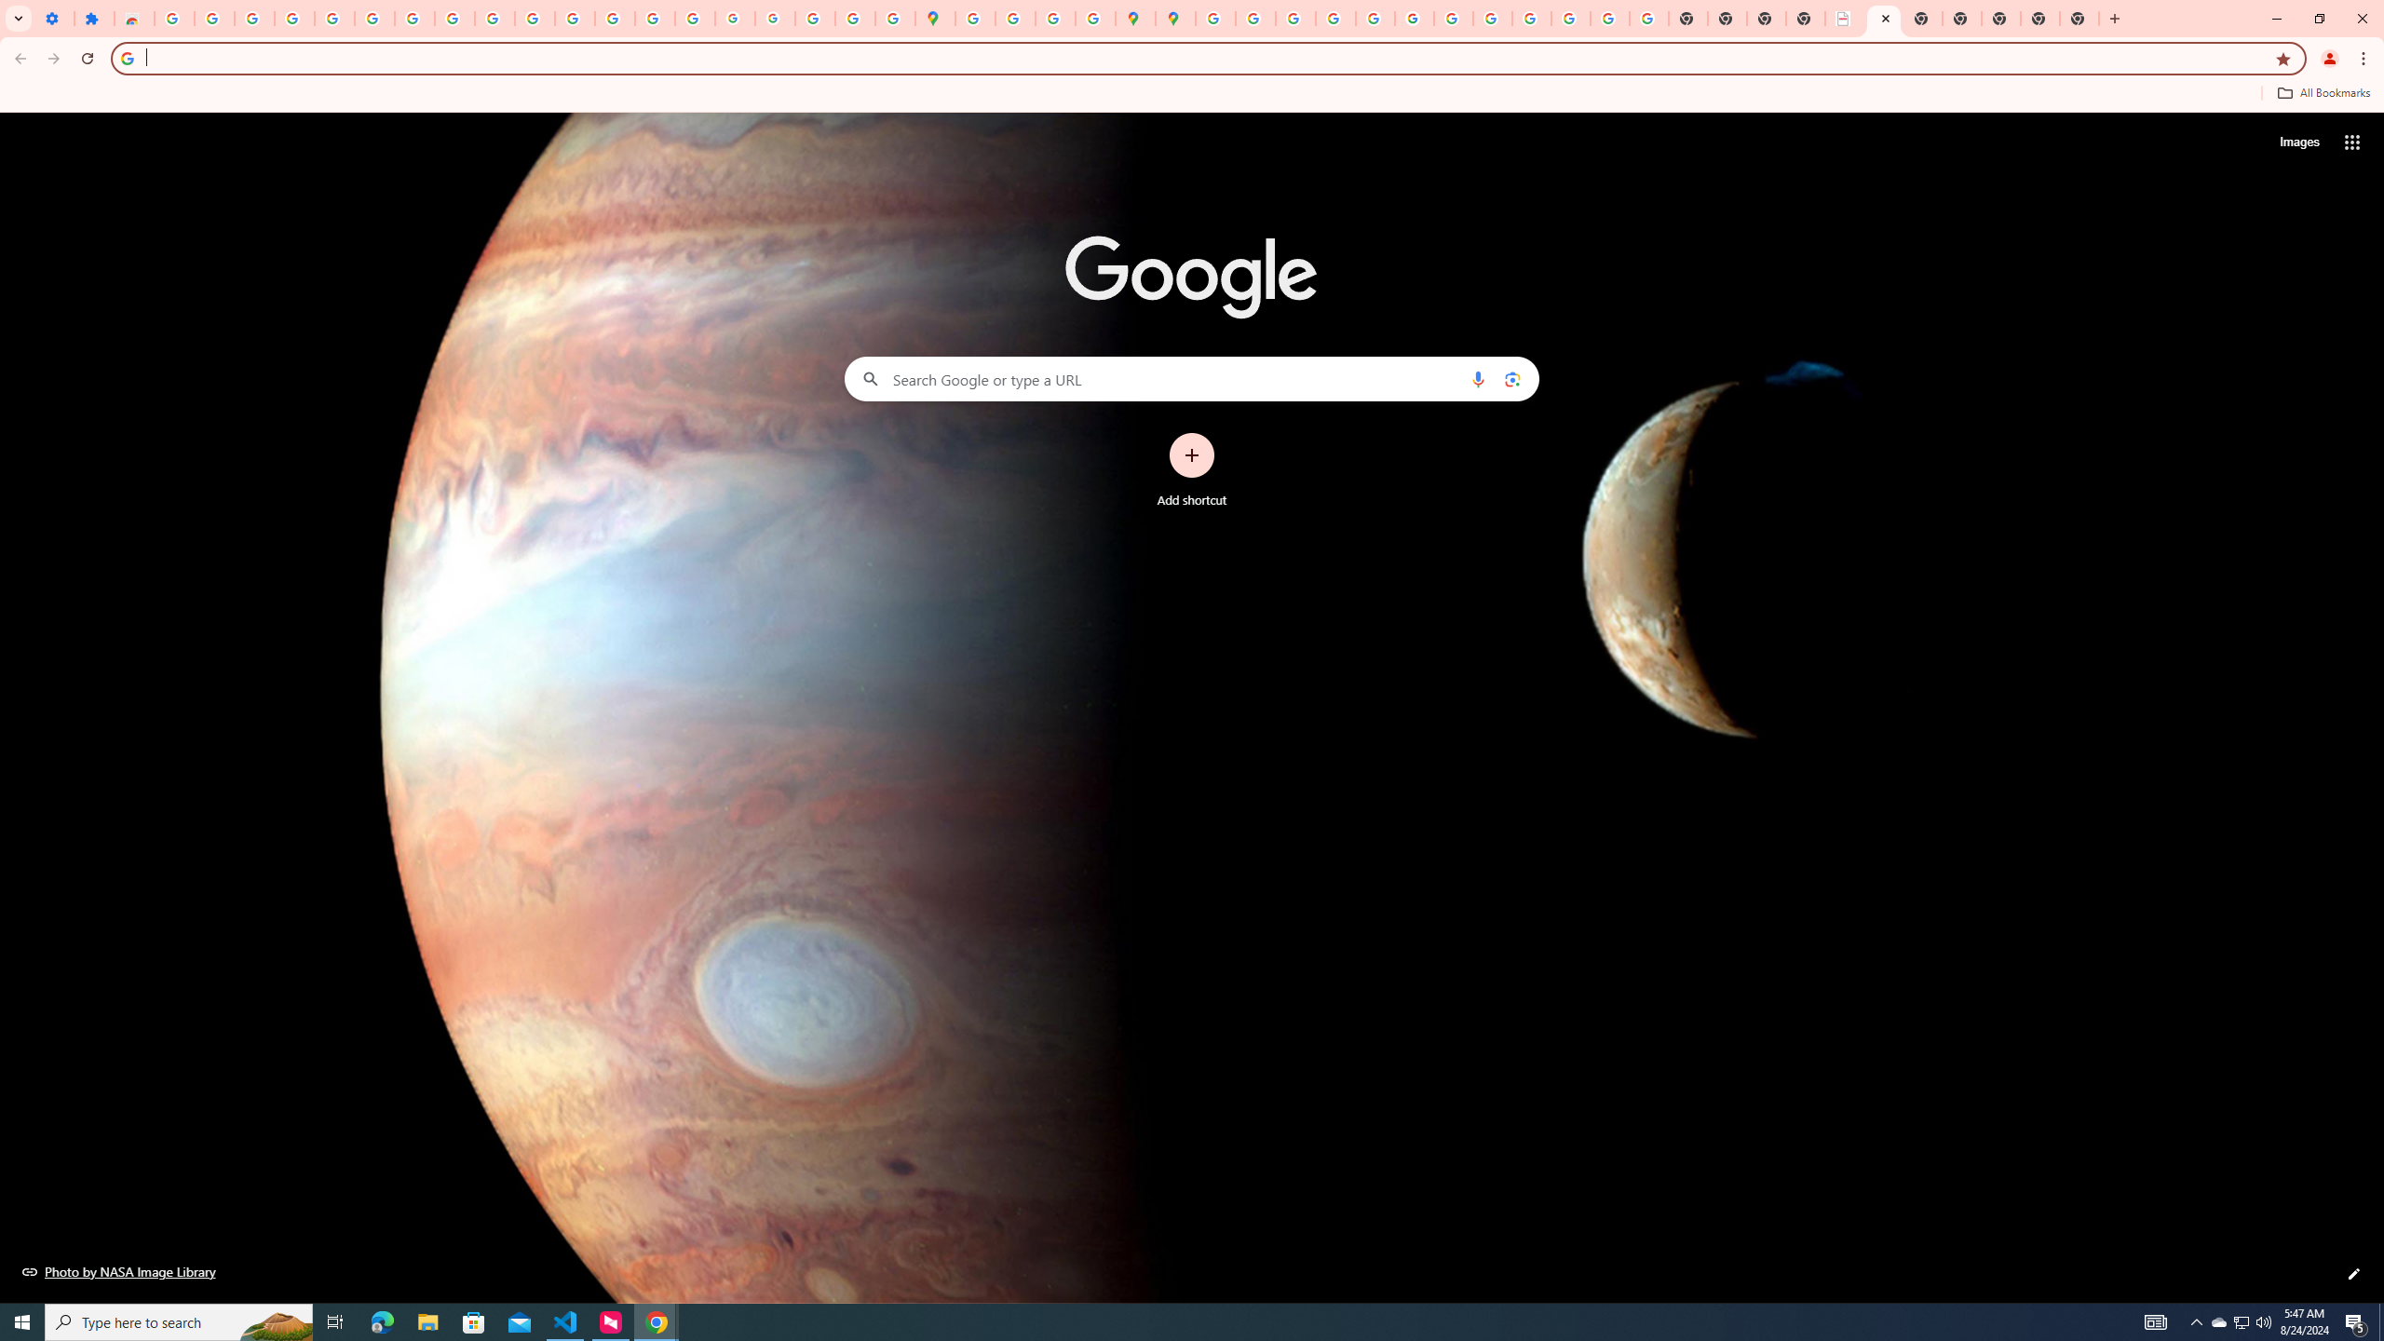 The image size is (2384, 1341). I want to click on 'YouTube', so click(494, 18).